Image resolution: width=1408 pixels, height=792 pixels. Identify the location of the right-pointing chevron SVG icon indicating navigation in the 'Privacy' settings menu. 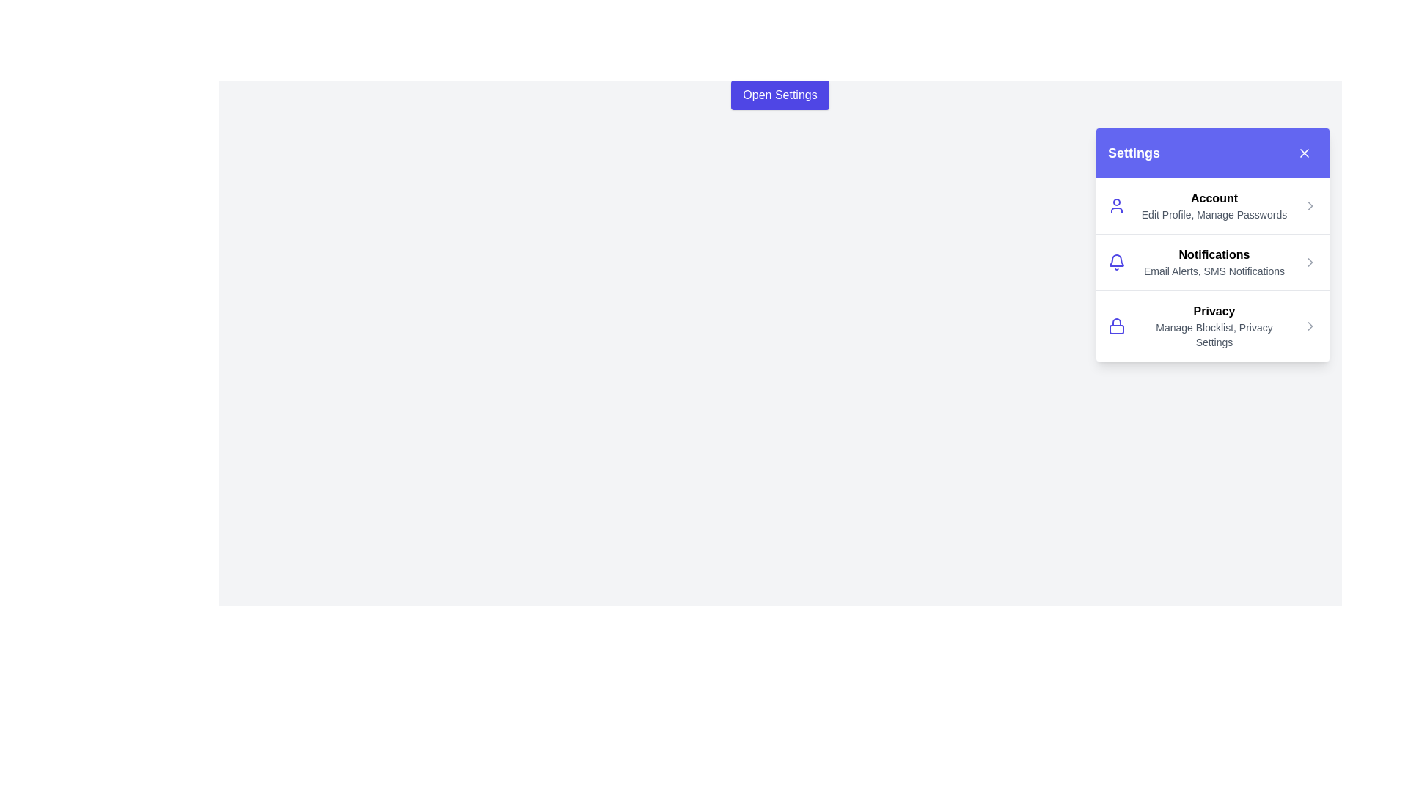
(1310, 325).